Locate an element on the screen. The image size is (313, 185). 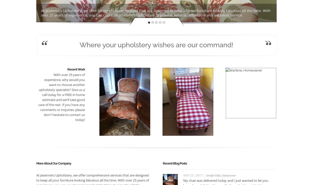
'Unique Custom Upholstery This sofa was re-upholstered We handle all in-home upholstery Recently upholstered ottoman  Our Services Include Exquisitely tailored, hand stitched slipcovers Upholstery Upholstery of slipcovers for dining room chairs Window cushions Pillows Cushion repair Sofa slipcovers Wing chair upholstery Chaise...' is located at coordinates (155, 10).